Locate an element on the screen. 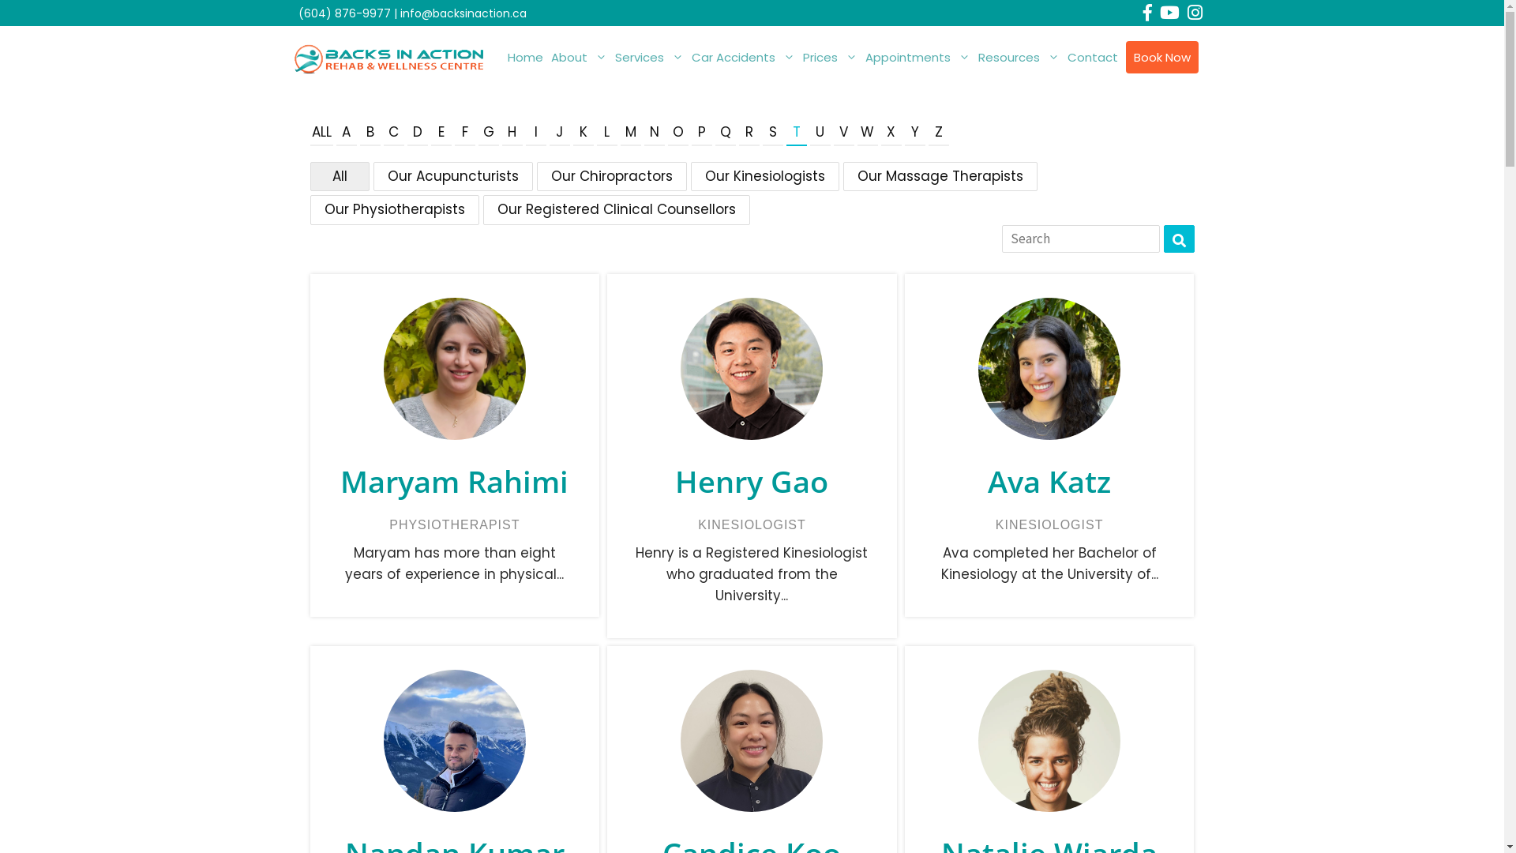  'About' is located at coordinates (577, 57).